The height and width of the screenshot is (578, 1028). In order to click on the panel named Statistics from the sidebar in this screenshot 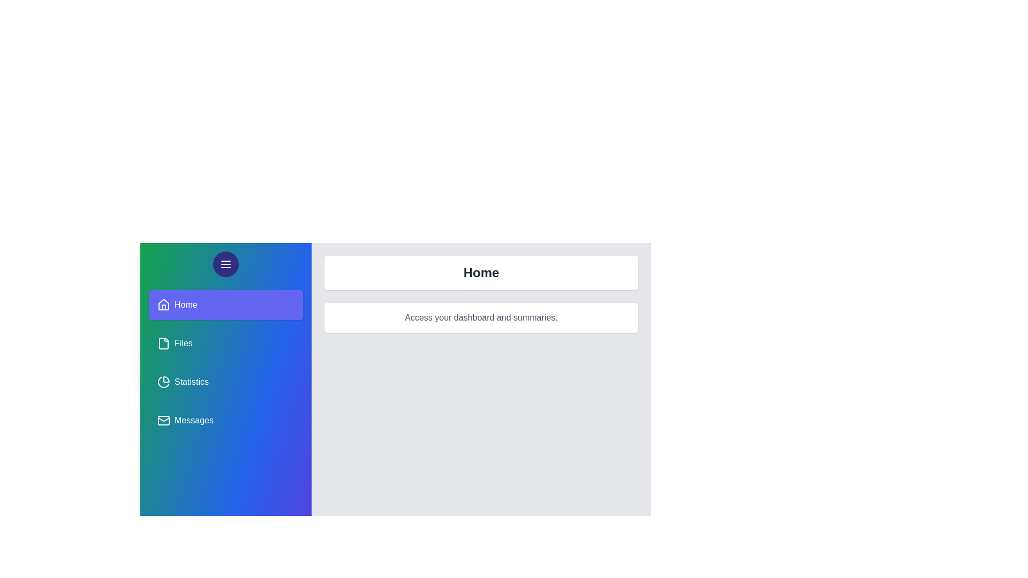, I will do `click(225, 381)`.